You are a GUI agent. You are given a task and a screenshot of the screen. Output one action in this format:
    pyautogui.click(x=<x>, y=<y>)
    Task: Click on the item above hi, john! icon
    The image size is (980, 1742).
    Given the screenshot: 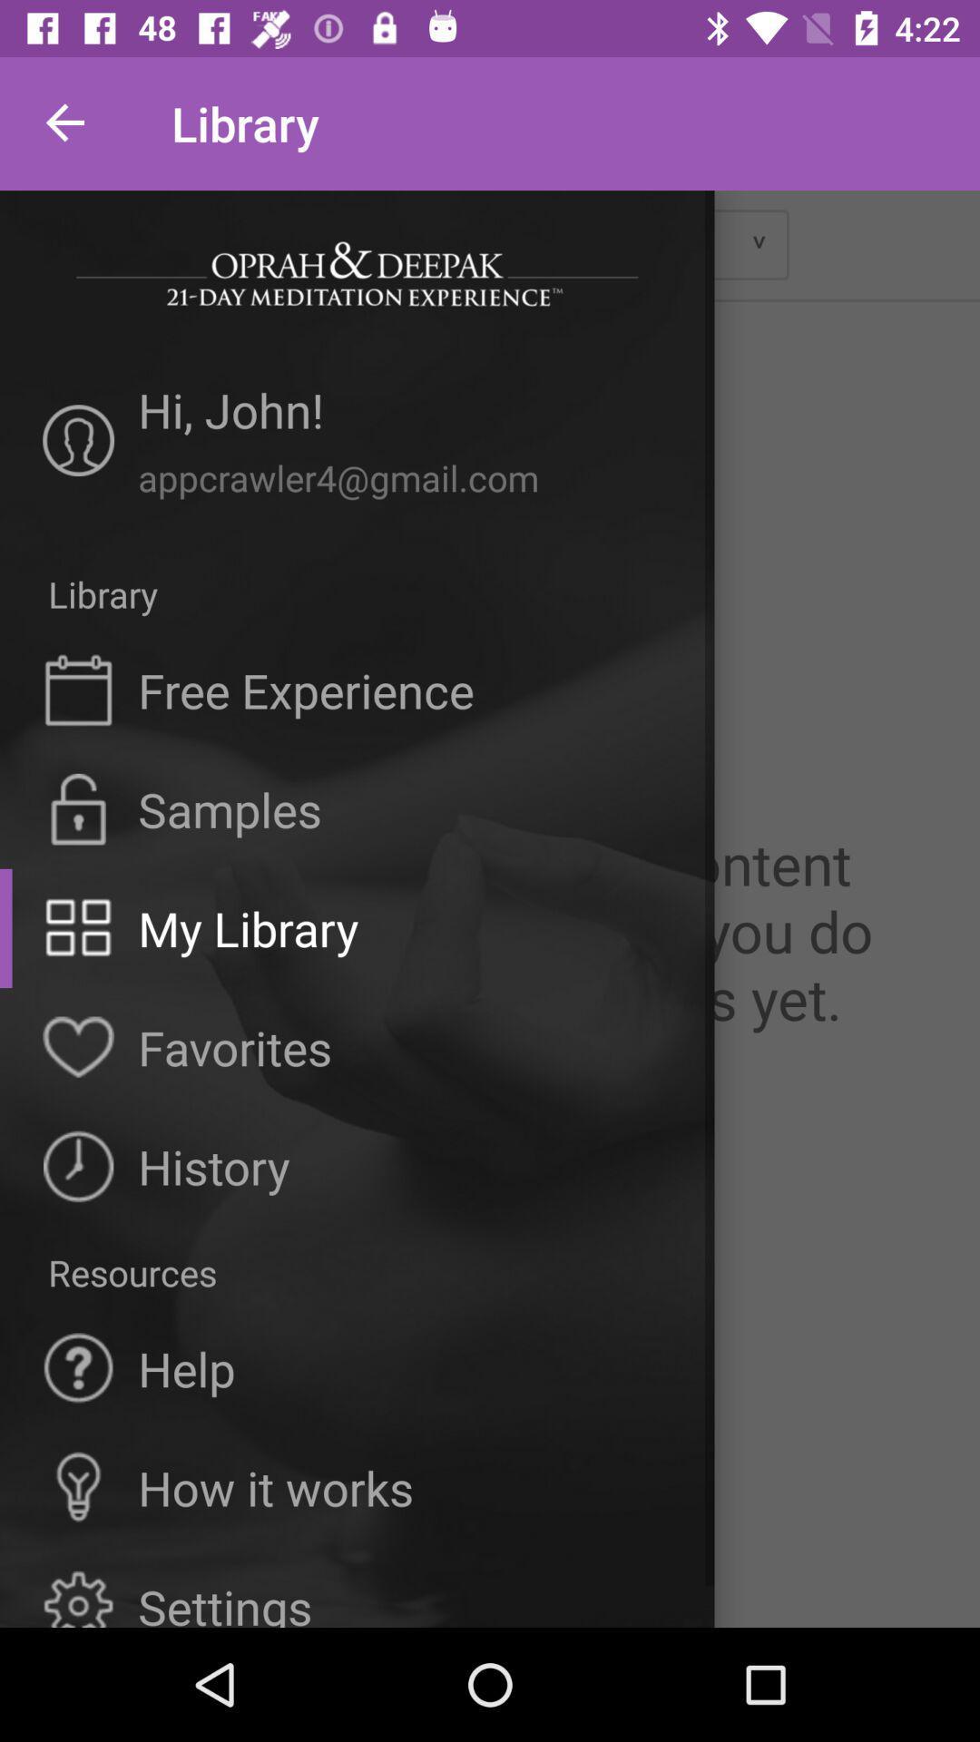 What is the action you would take?
    pyautogui.click(x=357, y=272)
    